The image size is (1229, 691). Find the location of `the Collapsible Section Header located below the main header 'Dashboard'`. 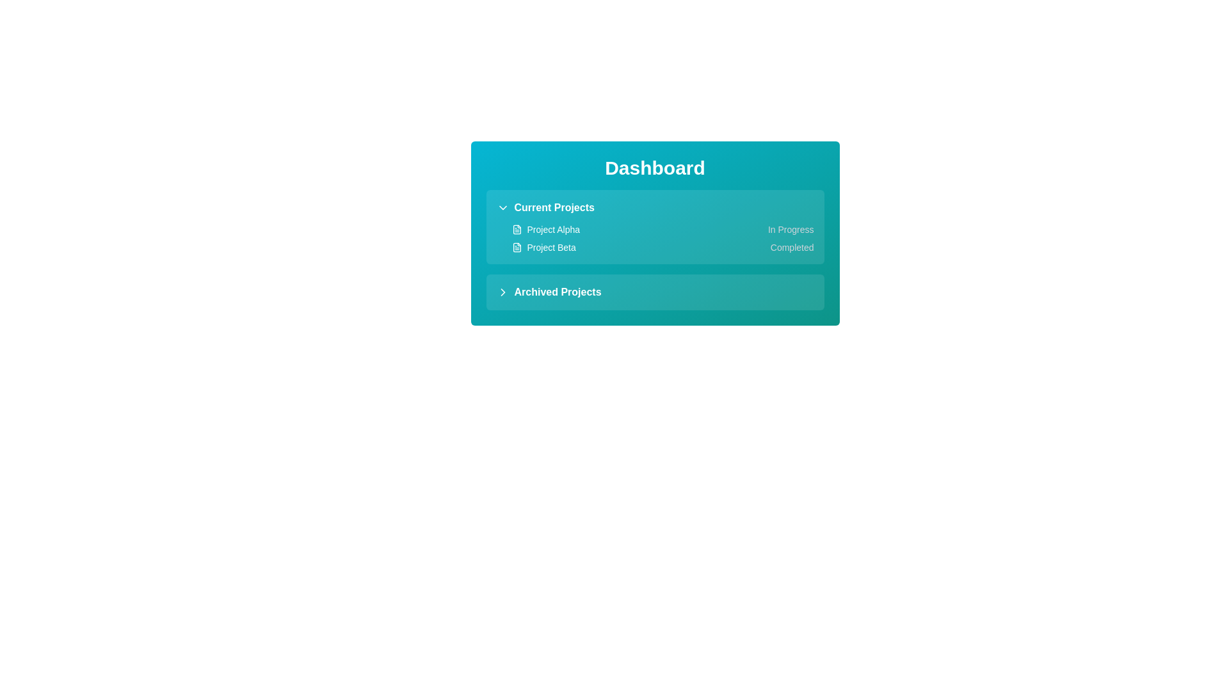

the Collapsible Section Header located below the main header 'Dashboard' is located at coordinates (545, 207).